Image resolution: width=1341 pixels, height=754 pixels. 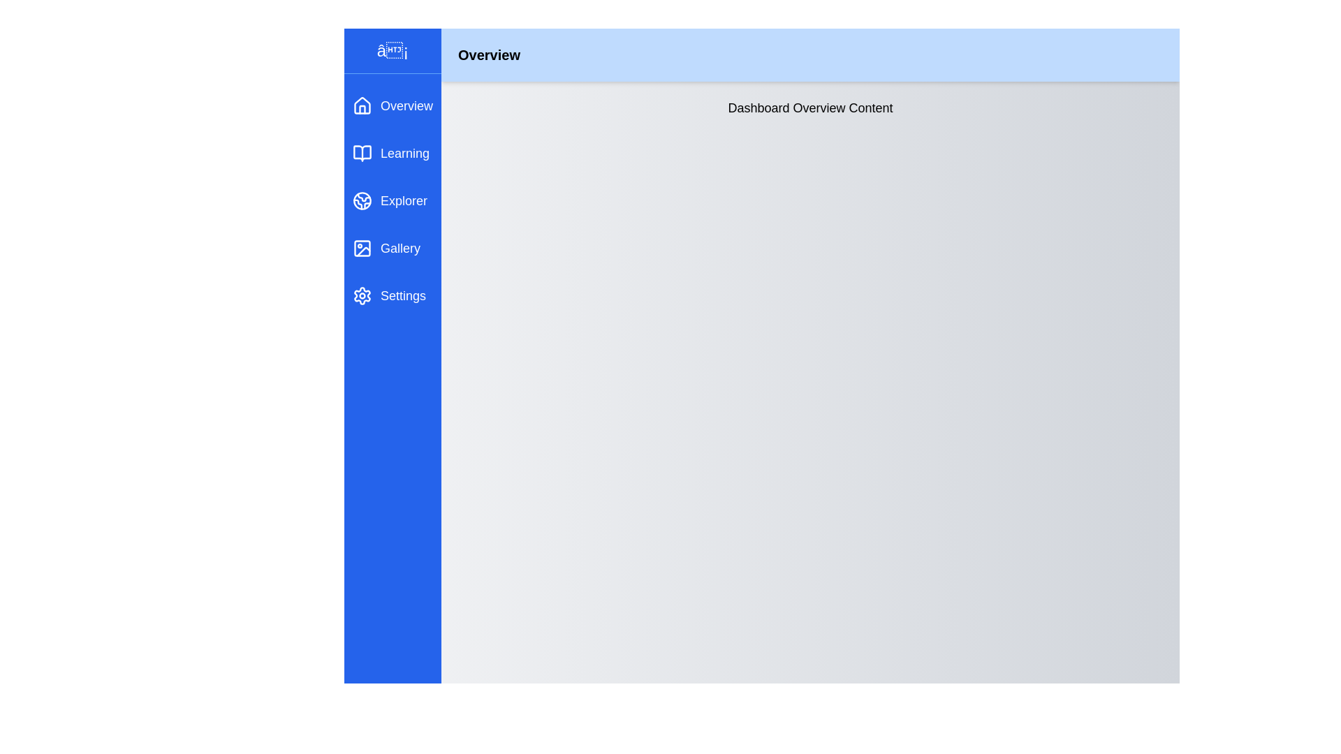 What do you see at coordinates (400, 247) in the screenshot?
I see `the 'Gallery' text label in the vertical navigation menu on the left sidebar` at bounding box center [400, 247].